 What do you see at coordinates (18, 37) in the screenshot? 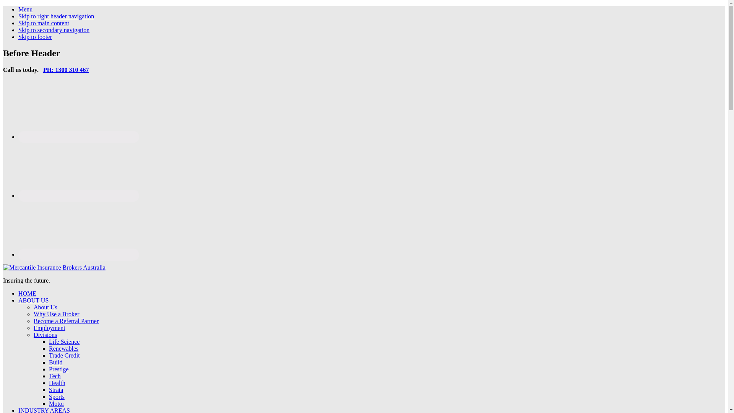
I see `'Skip to footer'` at bounding box center [18, 37].